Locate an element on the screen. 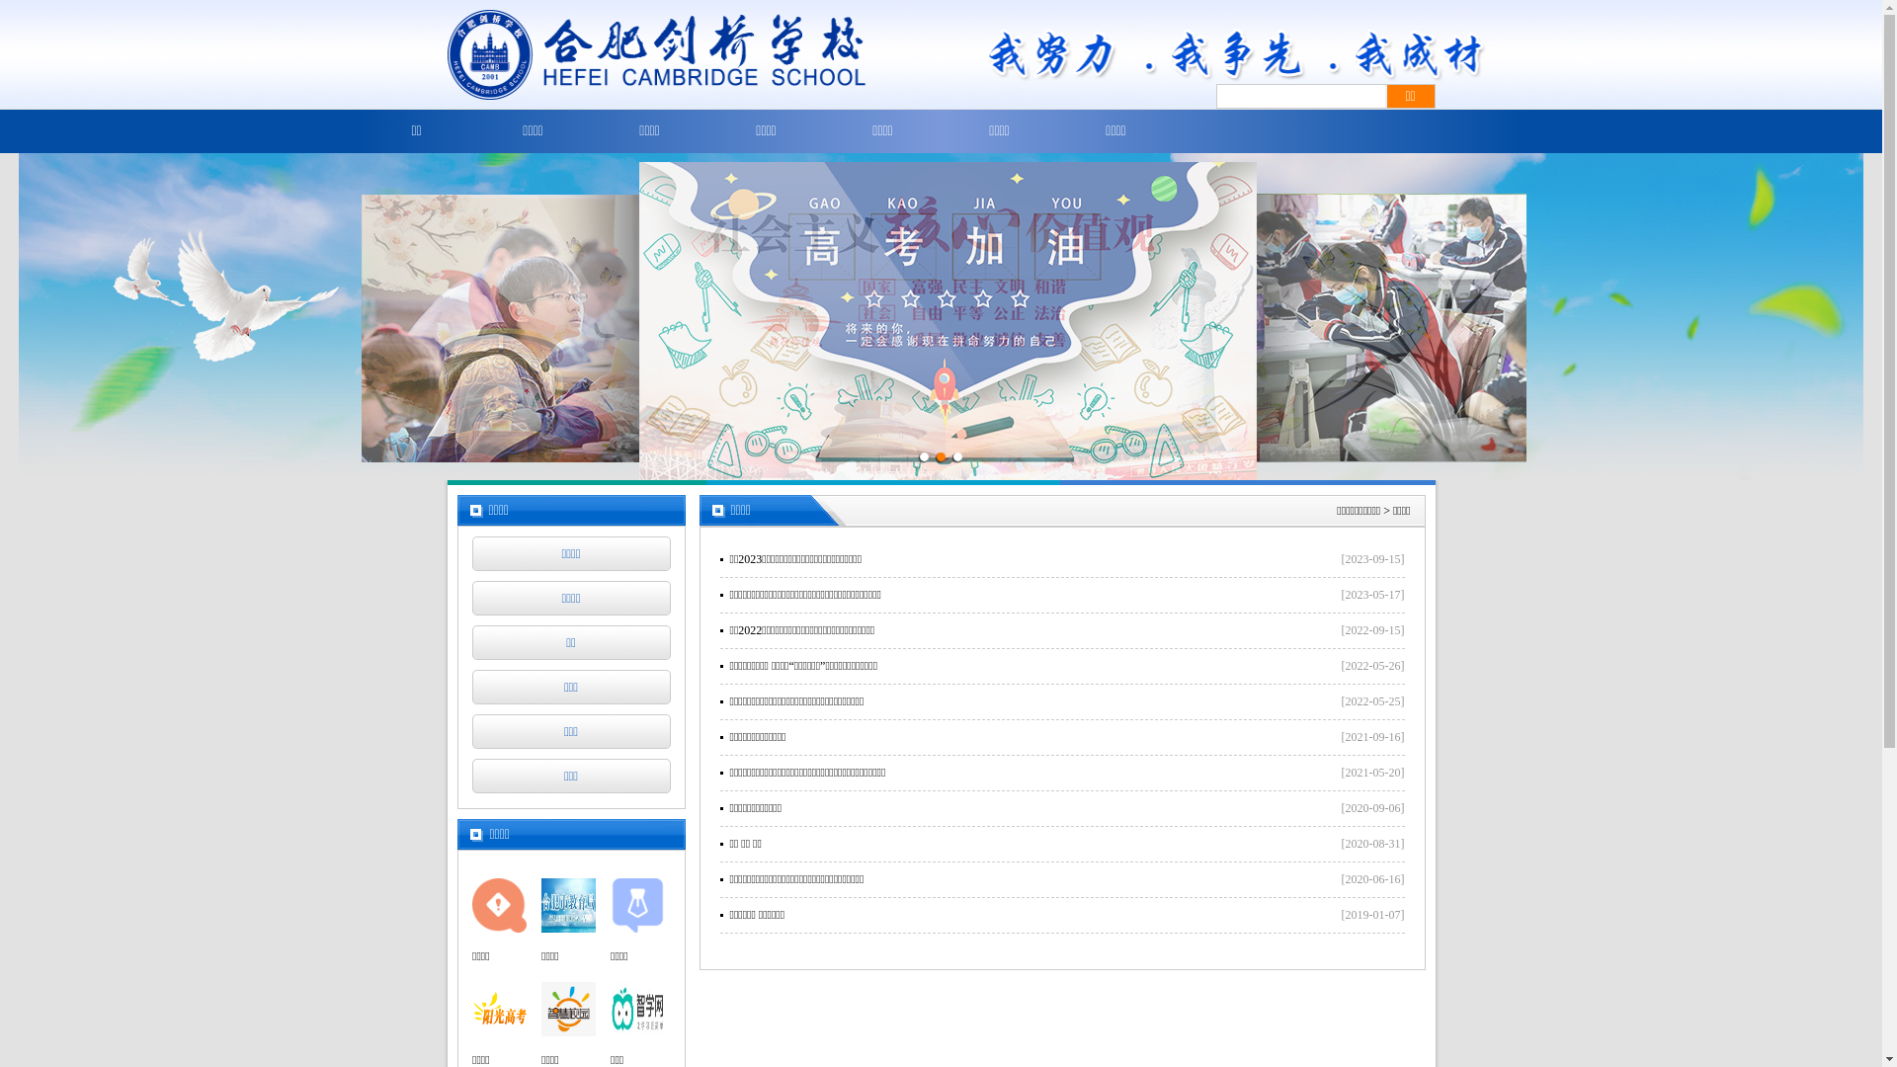  '2' is located at coordinates (933, 456).